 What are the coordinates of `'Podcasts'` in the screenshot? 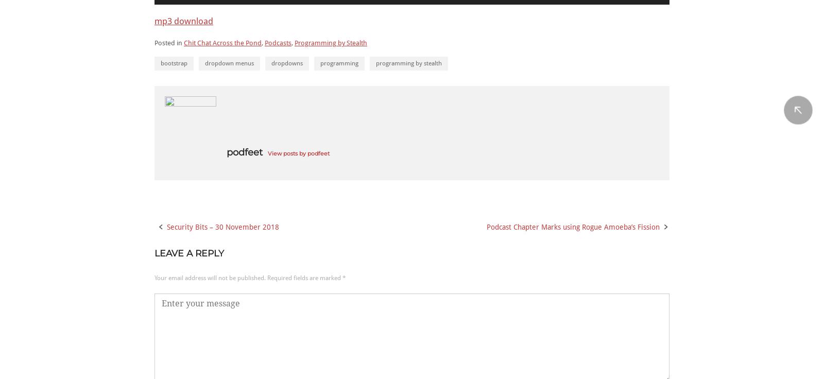 It's located at (278, 43).